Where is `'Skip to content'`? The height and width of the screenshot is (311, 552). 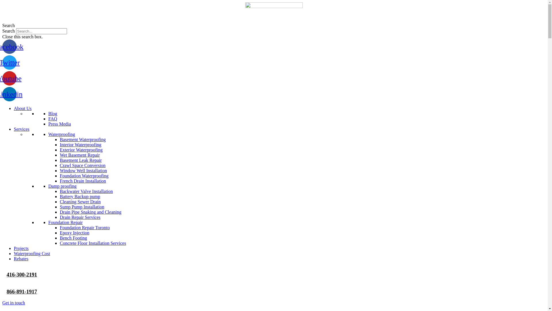
'Skip to content' is located at coordinates (2, 2).